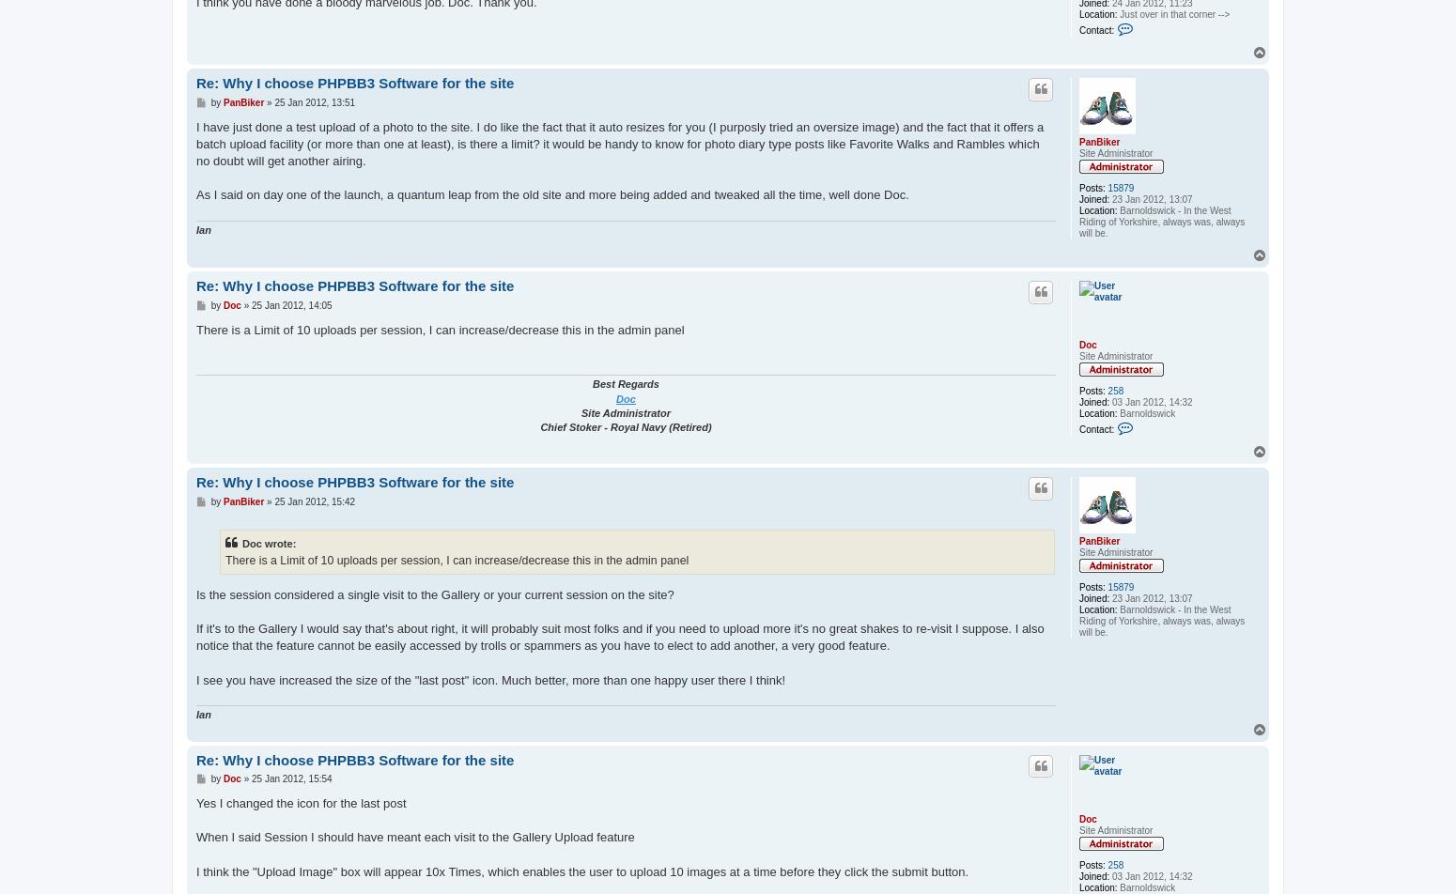 The width and height of the screenshot is (1456, 894). I want to click on 'Is the session considered a single visit to the Gallery or your current session on the site?', so click(434, 593).